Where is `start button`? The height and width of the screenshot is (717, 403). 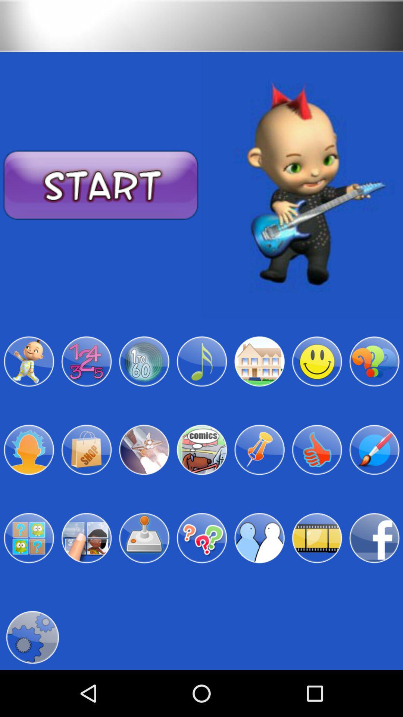
start button is located at coordinates (101, 185).